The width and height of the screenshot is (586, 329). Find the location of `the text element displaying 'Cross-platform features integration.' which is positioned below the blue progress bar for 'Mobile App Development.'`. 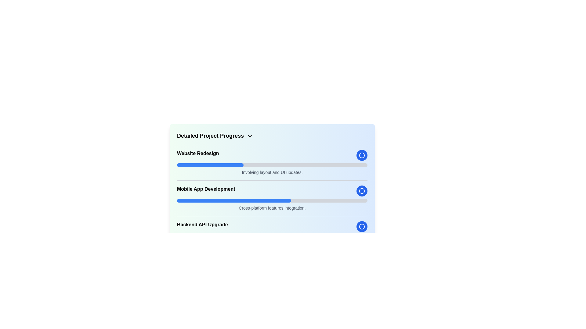

the text element displaying 'Cross-platform features integration.' which is positioned below the blue progress bar for 'Mobile App Development.' is located at coordinates (272, 207).